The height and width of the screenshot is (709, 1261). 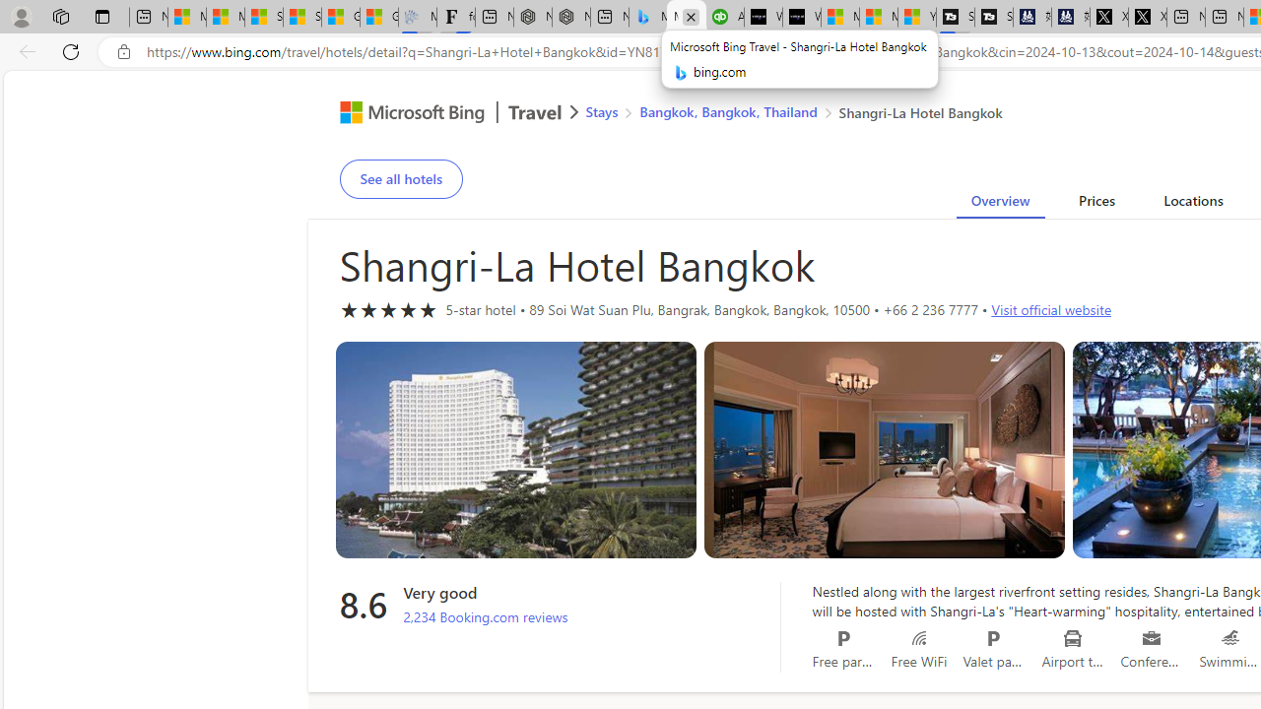 I want to click on 'Overview', so click(x=1000, y=204).